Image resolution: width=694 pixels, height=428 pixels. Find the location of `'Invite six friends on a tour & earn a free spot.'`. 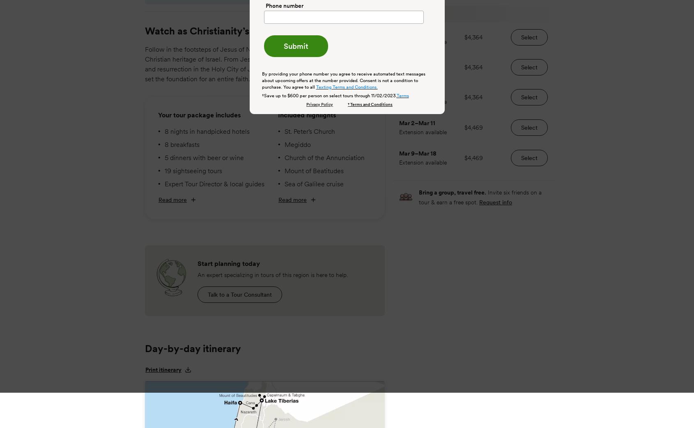

'Invite six friends on a tour & earn a free spot.' is located at coordinates (483, 197).